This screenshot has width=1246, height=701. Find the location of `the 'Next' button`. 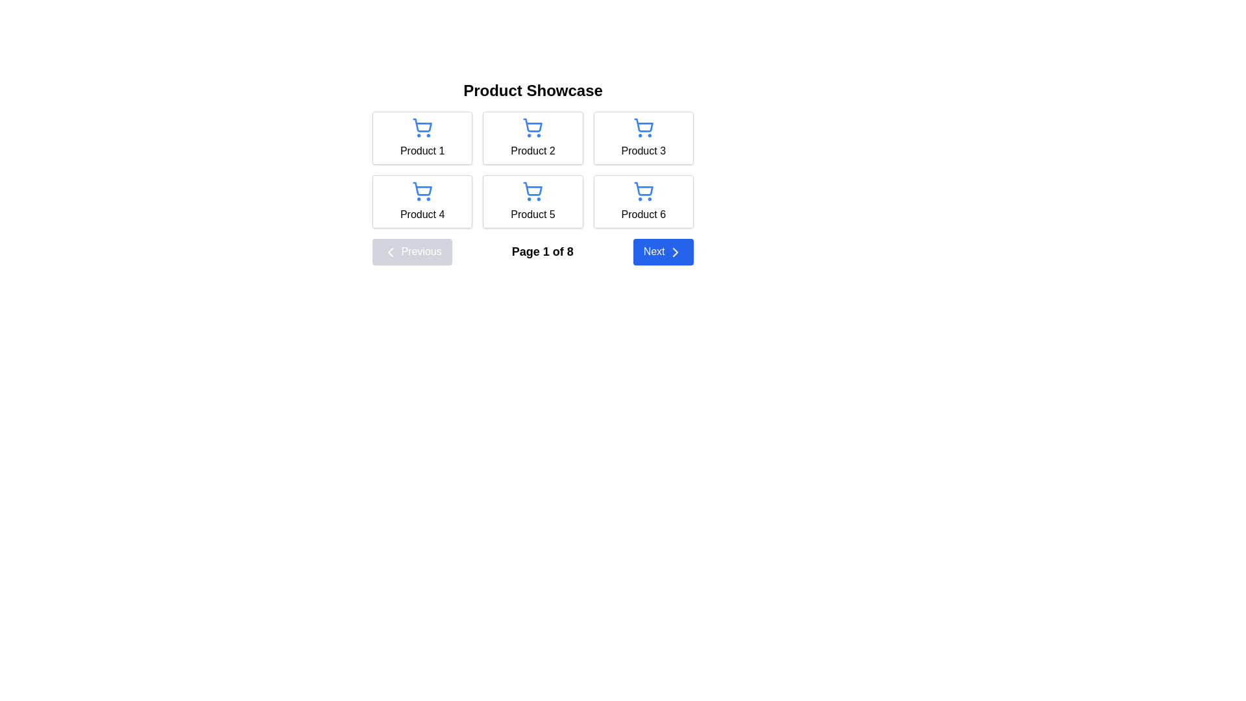

the 'Next' button is located at coordinates (663, 252).